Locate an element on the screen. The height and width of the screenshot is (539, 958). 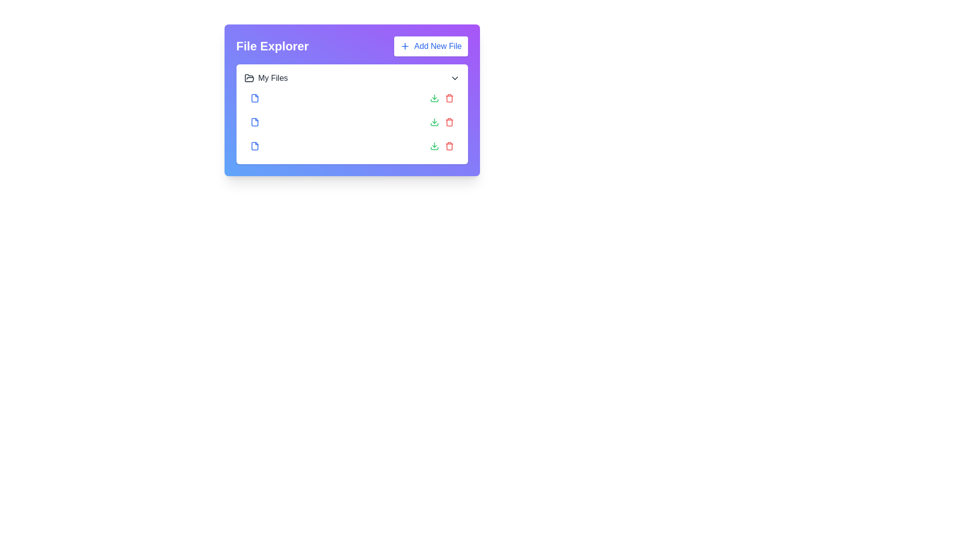
the green download arrow icon in the grouped action control located on the right side of the row for the file 'Presentation.pptx' in the 'File Explorer' is located at coordinates (441, 146).